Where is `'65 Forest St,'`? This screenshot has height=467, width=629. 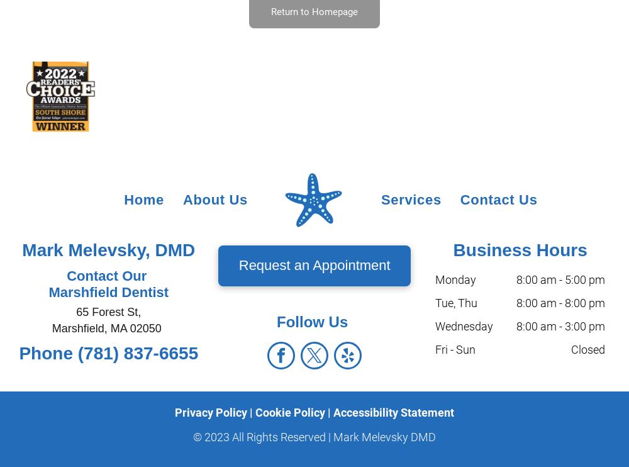 '65 Forest St,' is located at coordinates (108, 310).